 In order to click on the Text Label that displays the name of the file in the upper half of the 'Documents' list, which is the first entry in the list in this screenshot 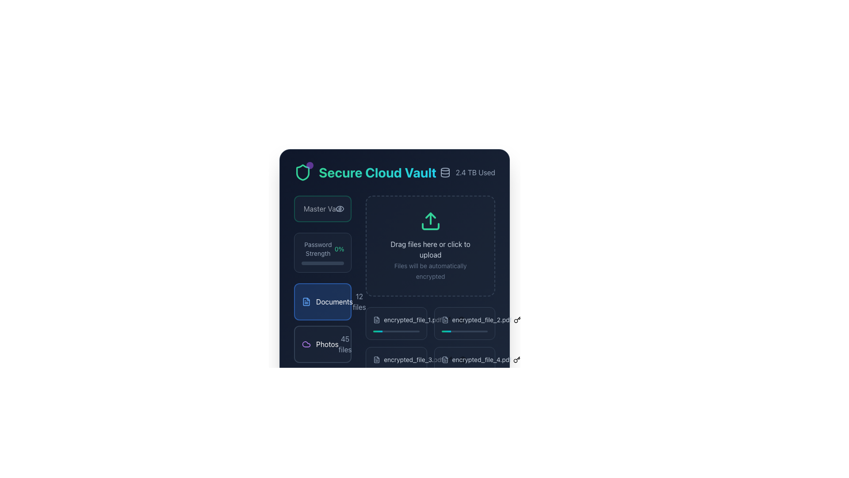, I will do `click(396, 320)`.